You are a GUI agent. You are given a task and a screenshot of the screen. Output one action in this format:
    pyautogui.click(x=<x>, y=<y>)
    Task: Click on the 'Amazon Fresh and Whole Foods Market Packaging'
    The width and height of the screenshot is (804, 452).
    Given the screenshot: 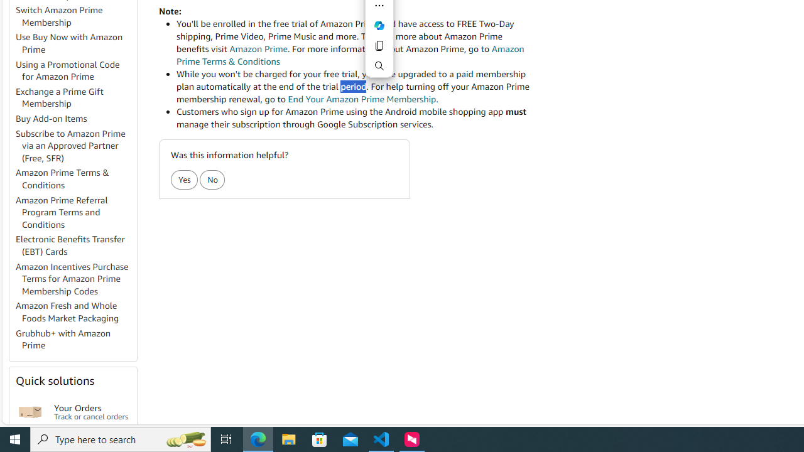 What is the action you would take?
    pyautogui.click(x=67, y=311)
    